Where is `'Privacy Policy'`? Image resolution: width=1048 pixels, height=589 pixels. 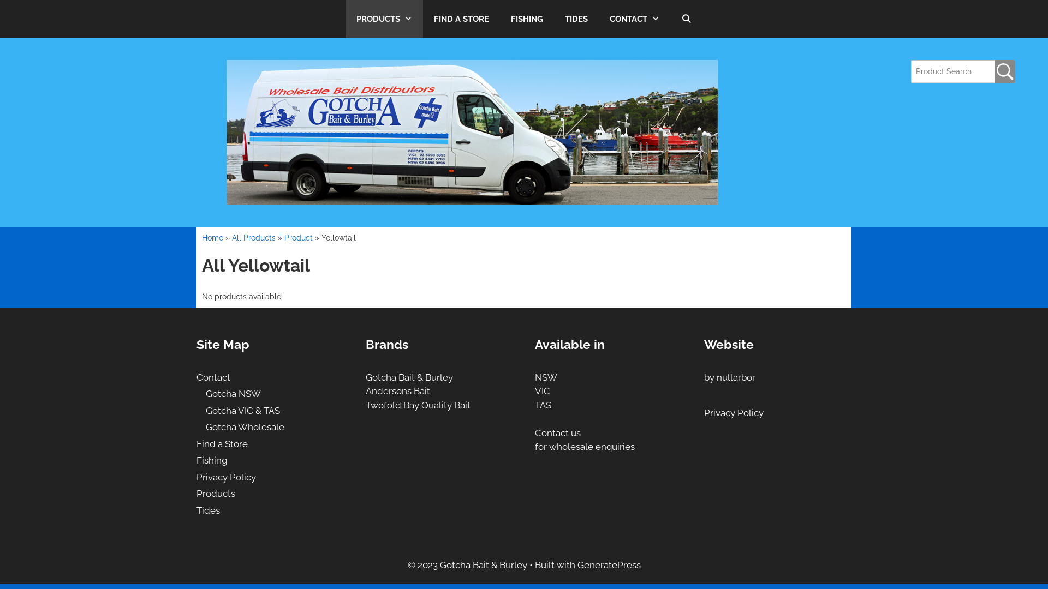
'Privacy Policy' is located at coordinates (196, 477).